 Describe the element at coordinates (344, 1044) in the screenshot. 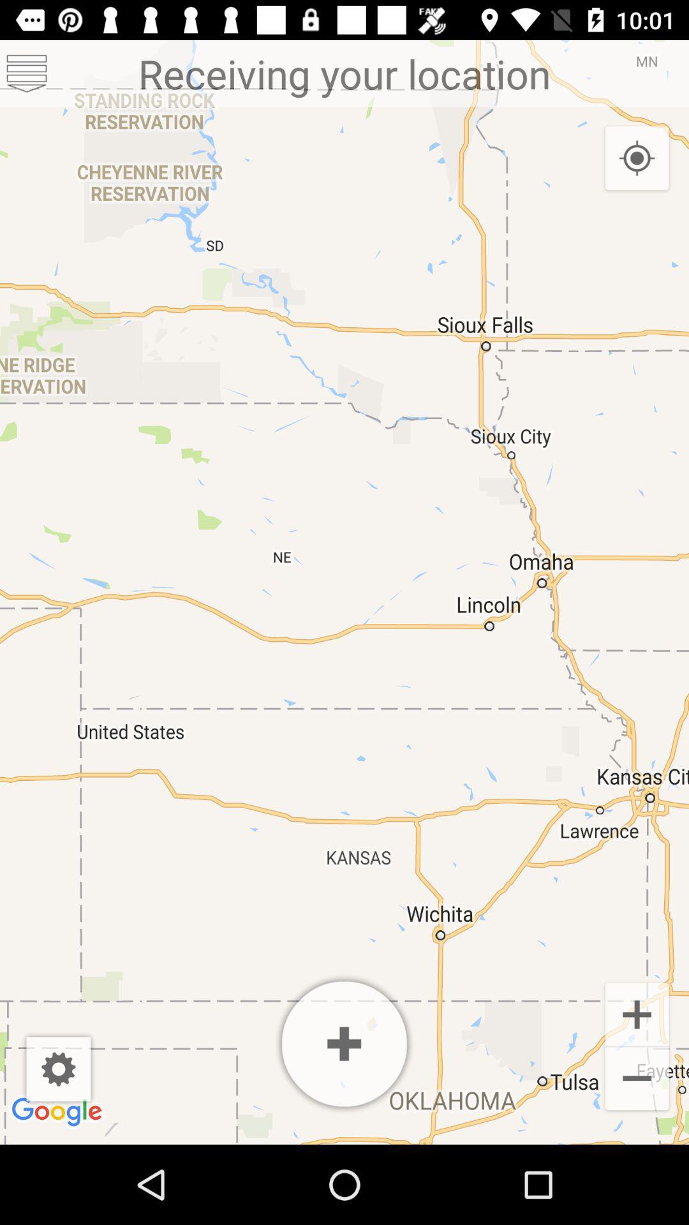

I see `observed violation` at that location.